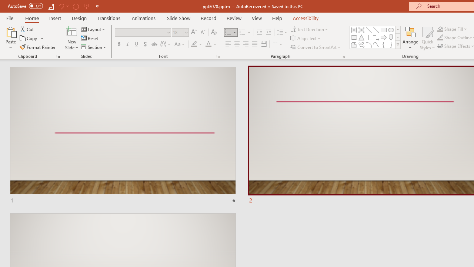 The height and width of the screenshot is (267, 474). What do you see at coordinates (375, 37) in the screenshot?
I see `'AutomationID: ShapesInsertGallery'` at bounding box center [375, 37].